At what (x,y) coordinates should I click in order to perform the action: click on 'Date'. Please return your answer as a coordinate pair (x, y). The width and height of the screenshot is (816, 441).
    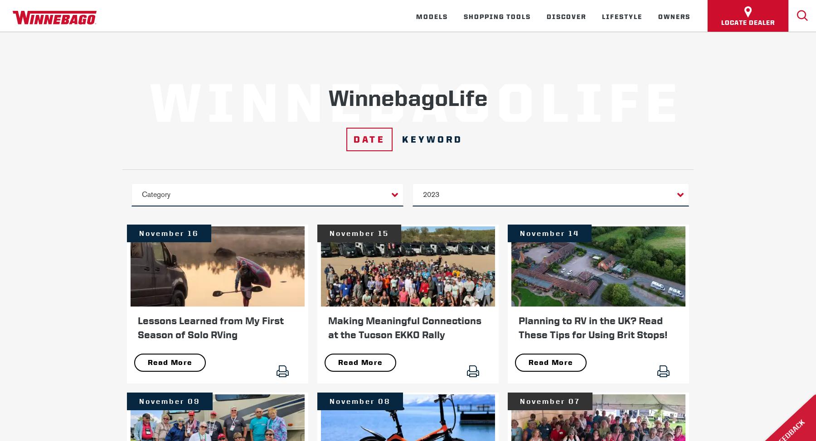
    Looking at the image, I should click on (369, 139).